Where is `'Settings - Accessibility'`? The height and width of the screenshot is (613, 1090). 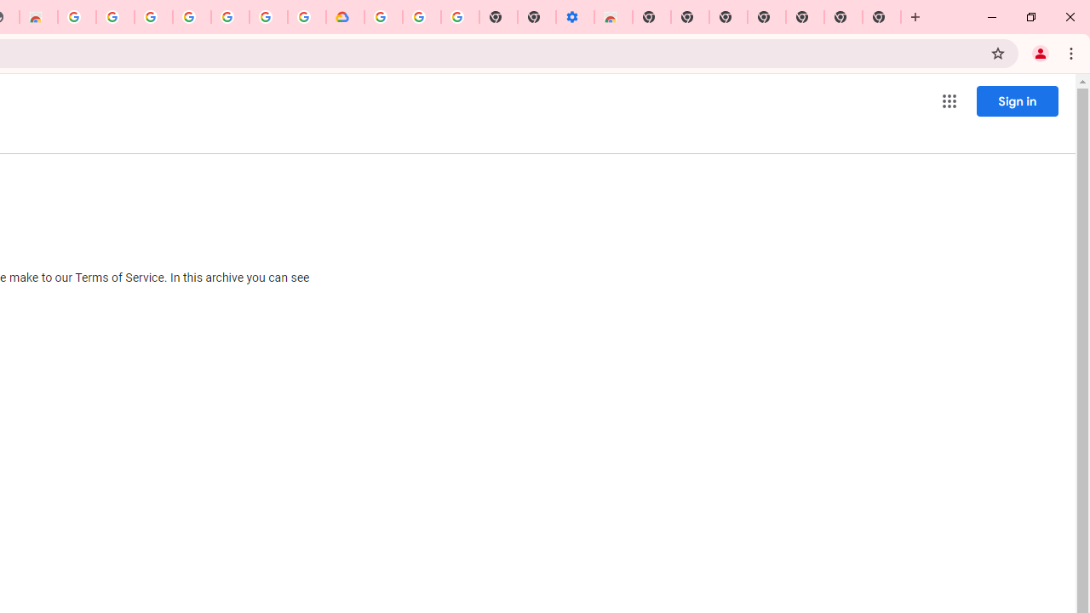 'Settings - Accessibility' is located at coordinates (575, 17).